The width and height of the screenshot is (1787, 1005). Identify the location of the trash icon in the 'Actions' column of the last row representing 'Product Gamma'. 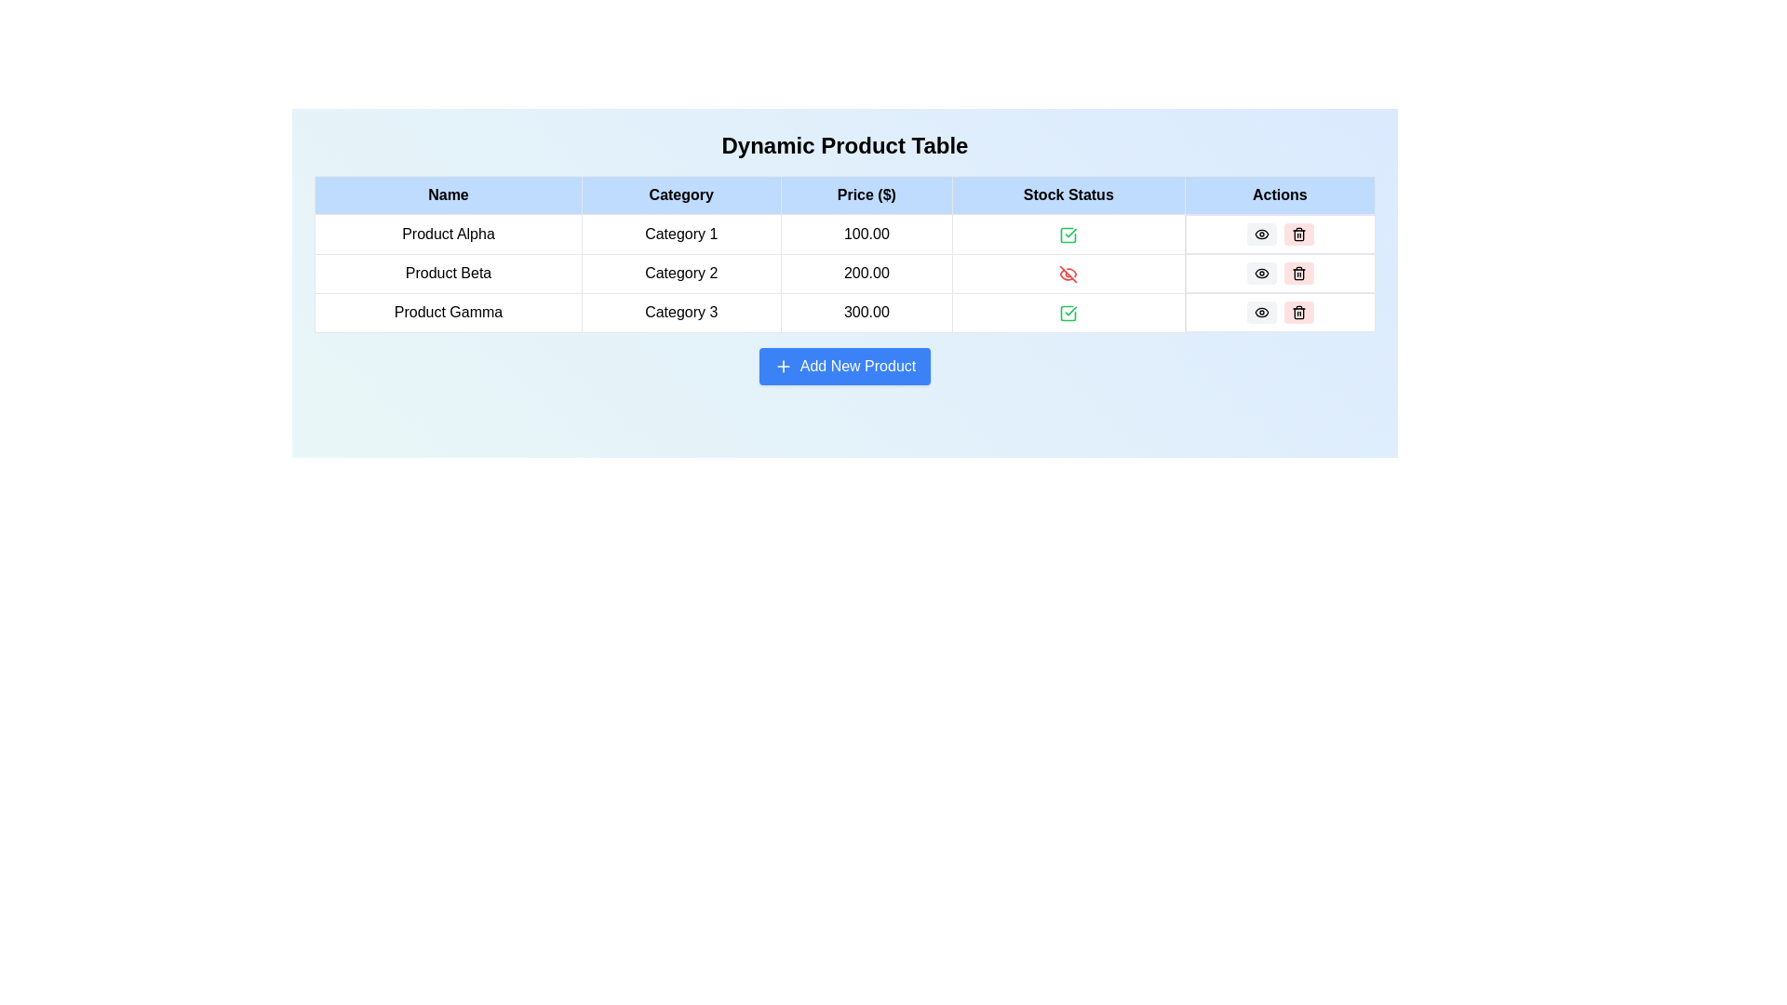
(1297, 312).